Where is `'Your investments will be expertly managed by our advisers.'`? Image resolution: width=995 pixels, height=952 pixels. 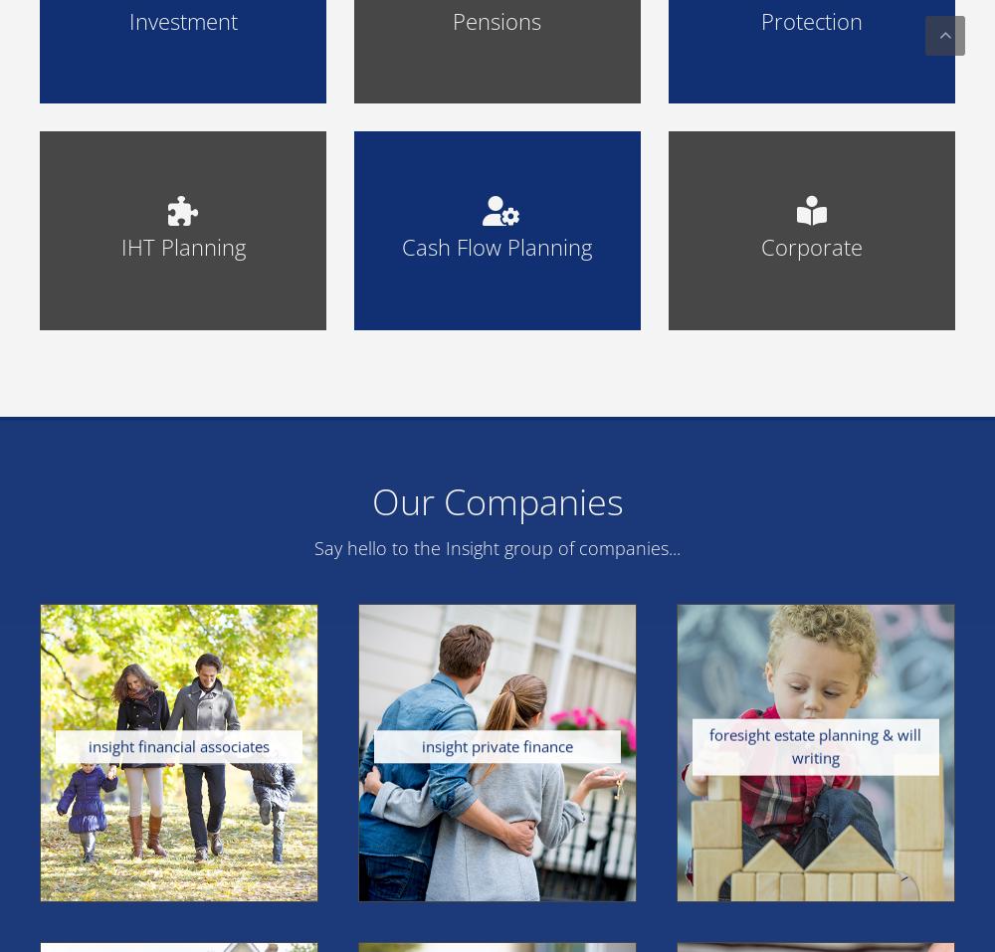 'Your investments will be expertly managed by our advisers.' is located at coordinates (183, 565).